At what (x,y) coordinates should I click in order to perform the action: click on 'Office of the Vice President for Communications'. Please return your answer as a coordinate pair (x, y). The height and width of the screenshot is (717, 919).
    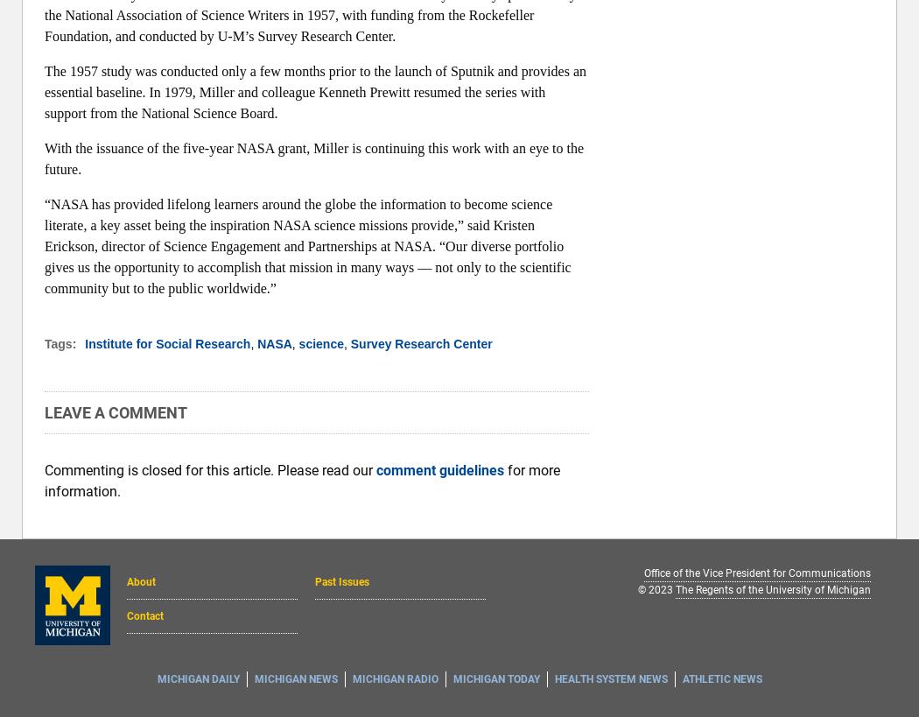
    Looking at the image, I should click on (756, 573).